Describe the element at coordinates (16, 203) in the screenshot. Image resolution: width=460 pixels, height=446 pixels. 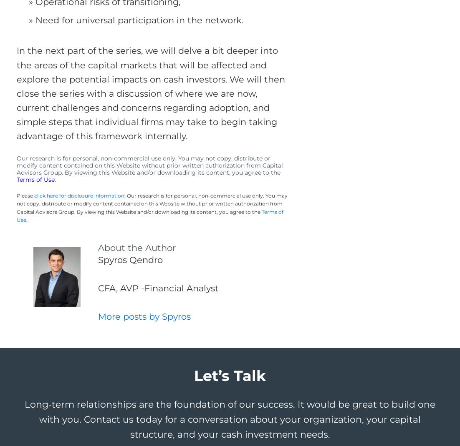
I see `': Our research is for personal, non-commercial use only. You may not copy, distribute or modify content contained on this Website without prior written authorization from Capital Advisors Group. By viewing this Website and/or downloading its content, you agree to the'` at that location.